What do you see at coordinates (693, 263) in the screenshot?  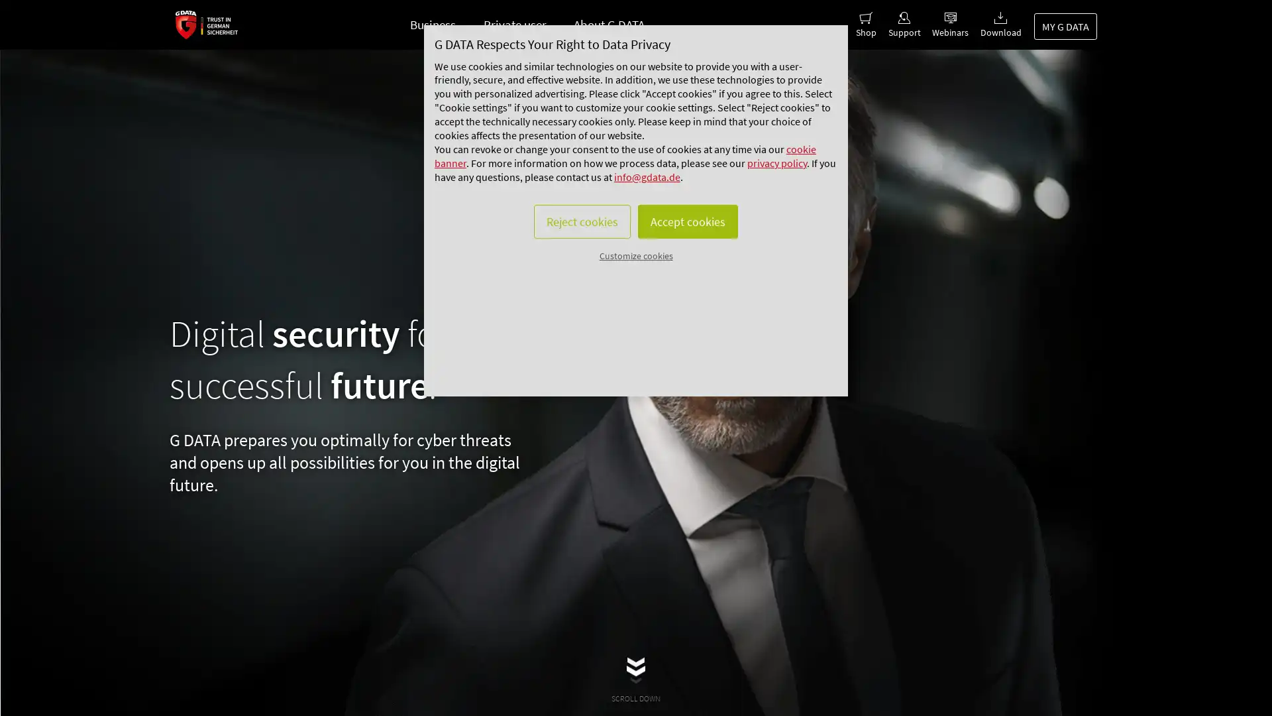 I see `Accept cookies` at bounding box center [693, 263].